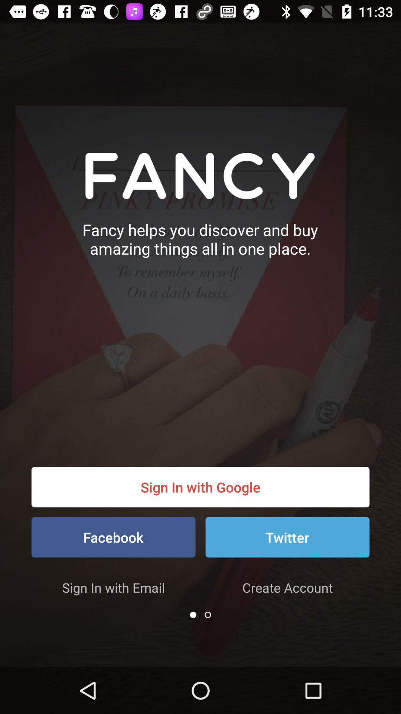 Image resolution: width=401 pixels, height=714 pixels. Describe the element at coordinates (113, 537) in the screenshot. I see `item above sign in with` at that location.